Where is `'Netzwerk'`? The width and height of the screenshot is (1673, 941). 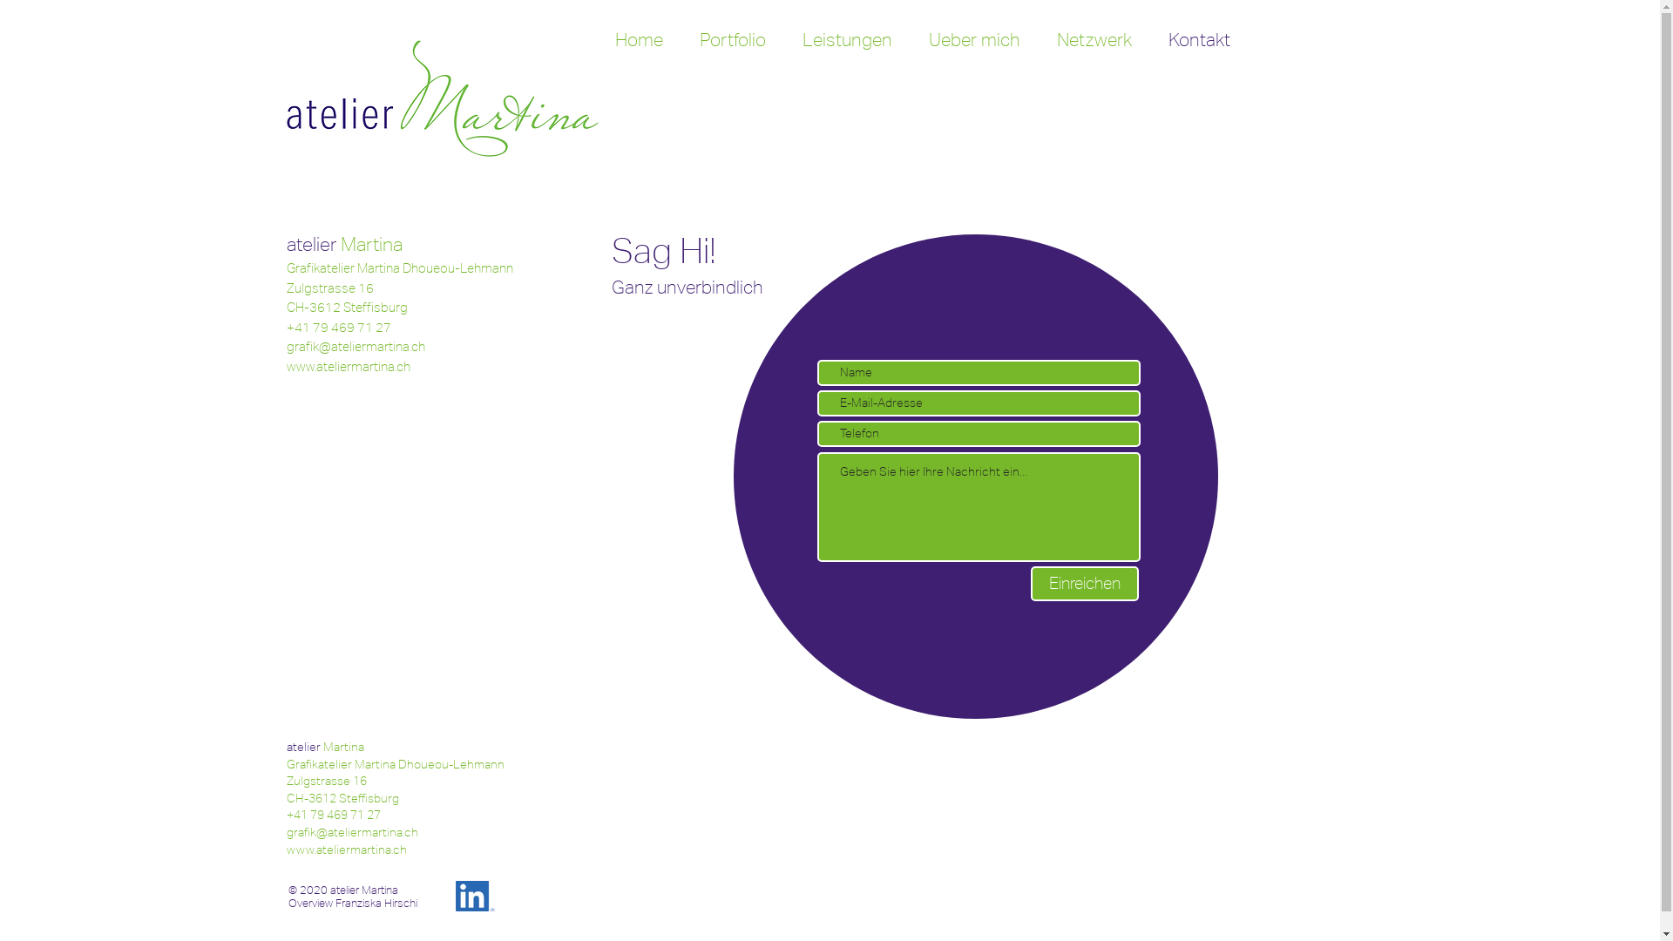
'Netzwerk' is located at coordinates (1094, 39).